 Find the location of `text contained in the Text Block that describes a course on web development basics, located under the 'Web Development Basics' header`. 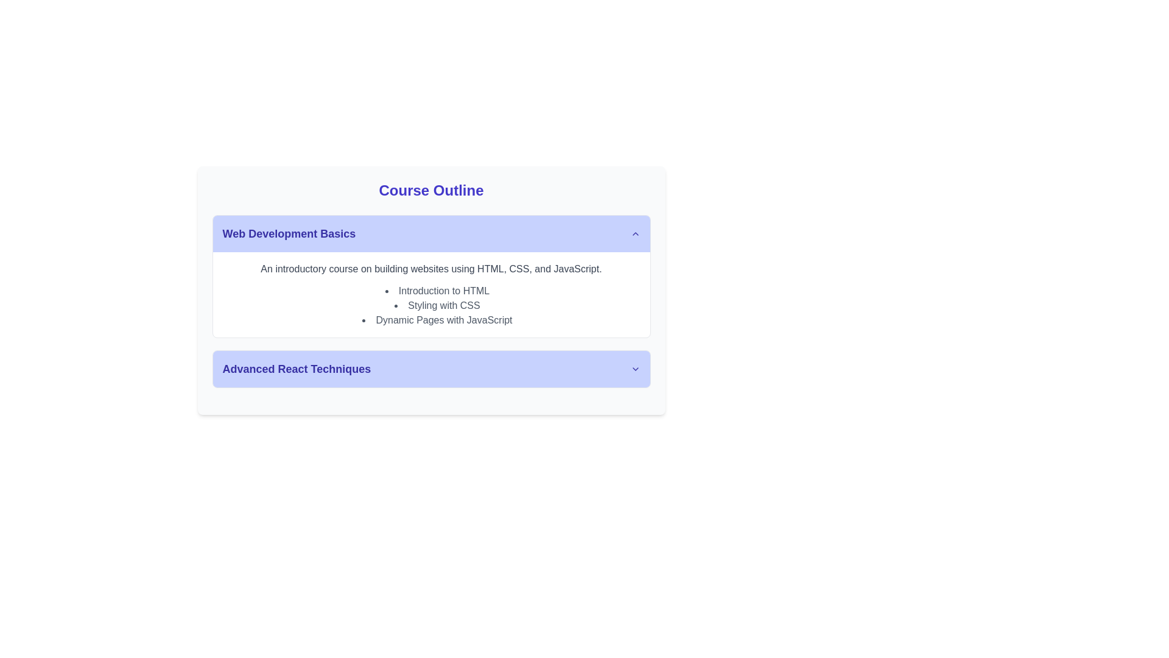

text contained in the Text Block that describes a course on web development basics, located under the 'Web Development Basics' header is located at coordinates (431, 294).